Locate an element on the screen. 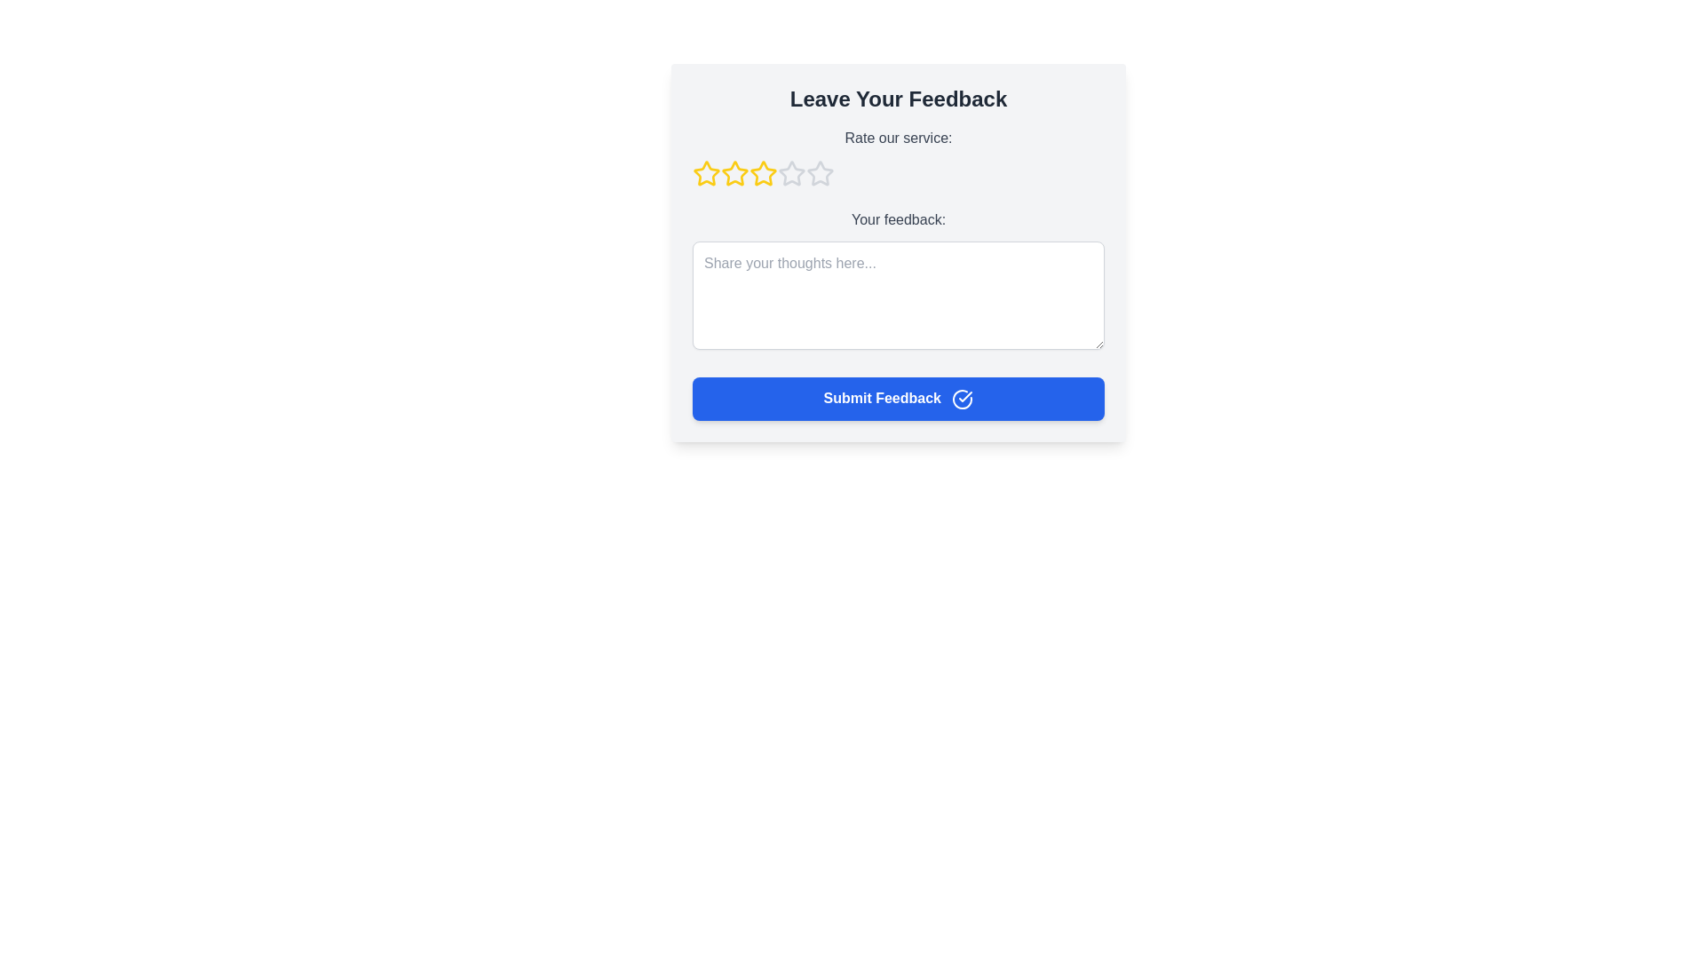 Image resolution: width=1705 pixels, height=959 pixels. the label text that serves as a prompt for the multiline text input field, located in the mid-section of the form just below the star rating input is located at coordinates (899, 218).